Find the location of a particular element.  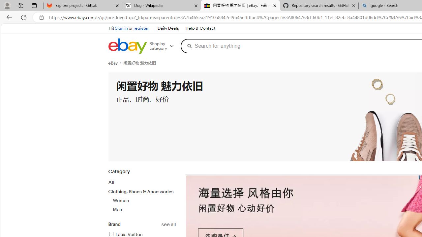

'Dog - Wikipedia' is located at coordinates (162, 6).